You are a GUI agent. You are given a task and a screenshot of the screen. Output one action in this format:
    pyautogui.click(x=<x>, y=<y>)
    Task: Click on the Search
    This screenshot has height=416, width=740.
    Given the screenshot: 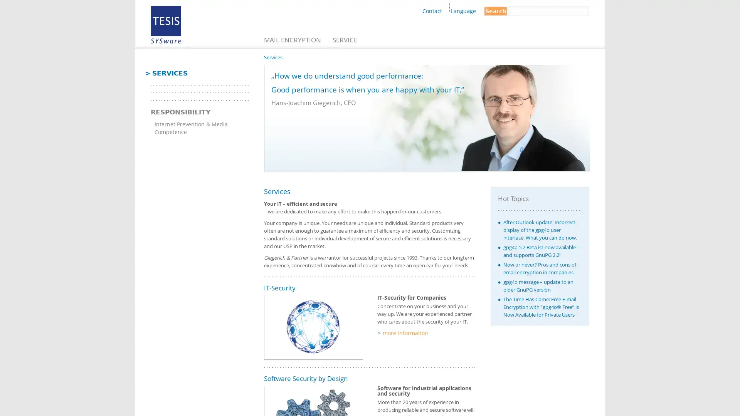 What is the action you would take?
    pyautogui.click(x=496, y=11)
    